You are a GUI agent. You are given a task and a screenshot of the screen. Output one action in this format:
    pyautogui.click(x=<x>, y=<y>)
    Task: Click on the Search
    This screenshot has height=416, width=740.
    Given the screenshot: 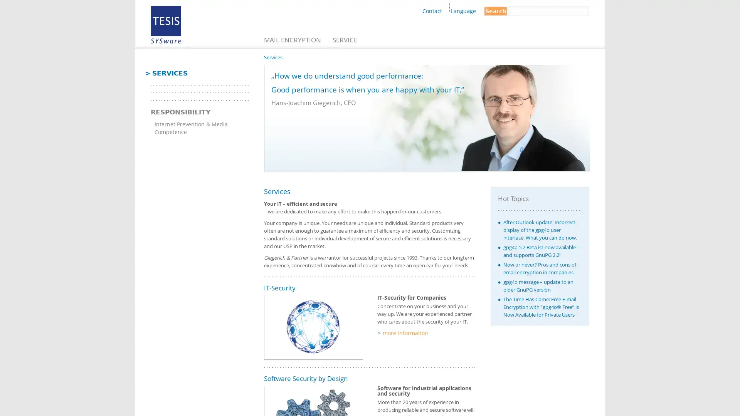 What is the action you would take?
    pyautogui.click(x=496, y=11)
    